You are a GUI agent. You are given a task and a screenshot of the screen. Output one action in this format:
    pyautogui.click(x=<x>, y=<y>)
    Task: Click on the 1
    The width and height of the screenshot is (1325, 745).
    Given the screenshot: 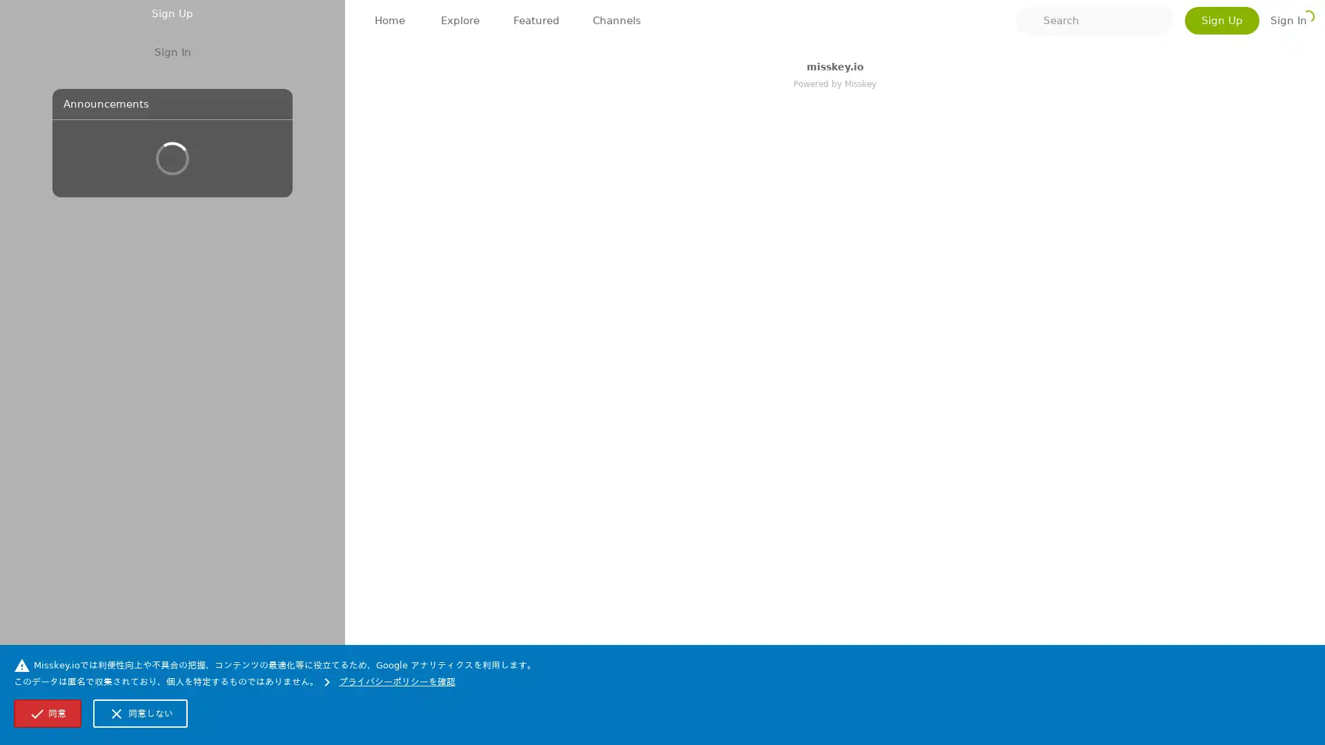 What is the action you would take?
    pyautogui.click(x=433, y=585)
    